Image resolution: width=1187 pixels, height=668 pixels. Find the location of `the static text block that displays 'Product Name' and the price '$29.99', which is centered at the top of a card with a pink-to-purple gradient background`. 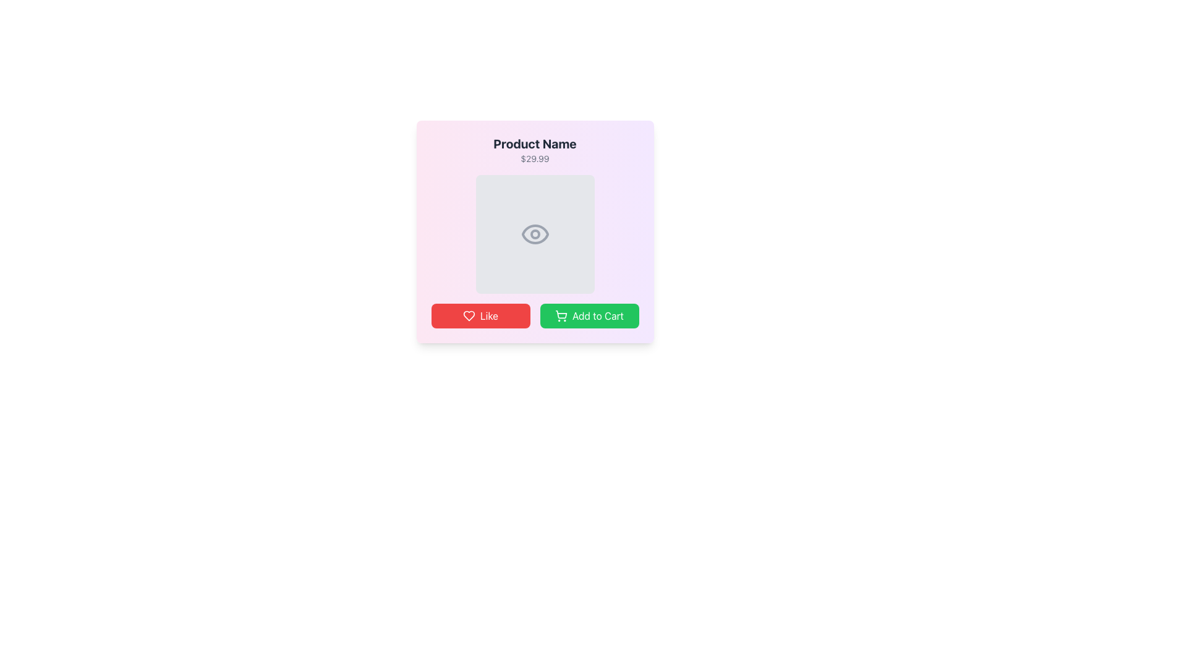

the static text block that displays 'Product Name' and the price '$29.99', which is centered at the top of a card with a pink-to-purple gradient background is located at coordinates (535, 150).